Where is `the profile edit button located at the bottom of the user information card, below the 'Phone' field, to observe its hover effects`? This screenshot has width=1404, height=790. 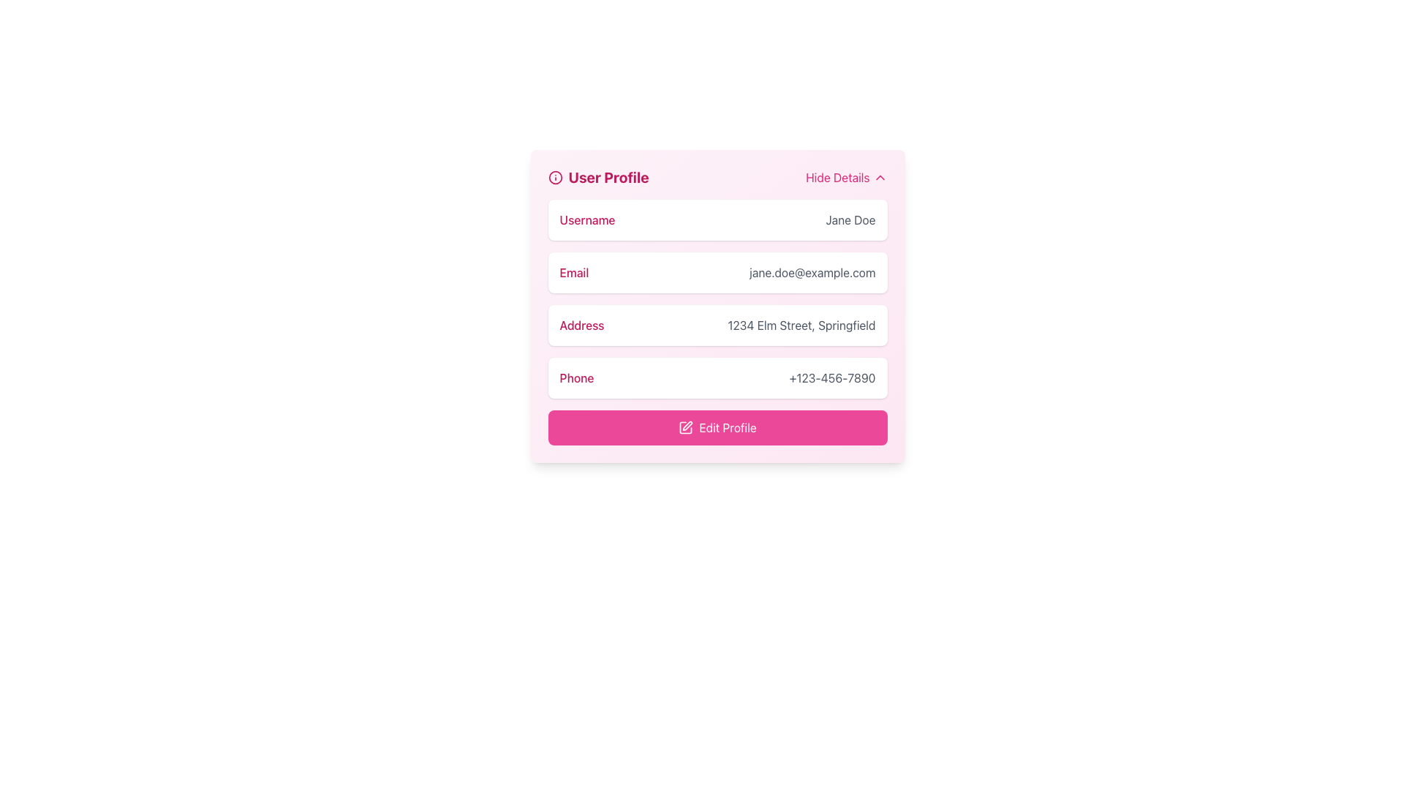 the profile edit button located at the bottom of the user information card, below the 'Phone' field, to observe its hover effects is located at coordinates (717, 428).